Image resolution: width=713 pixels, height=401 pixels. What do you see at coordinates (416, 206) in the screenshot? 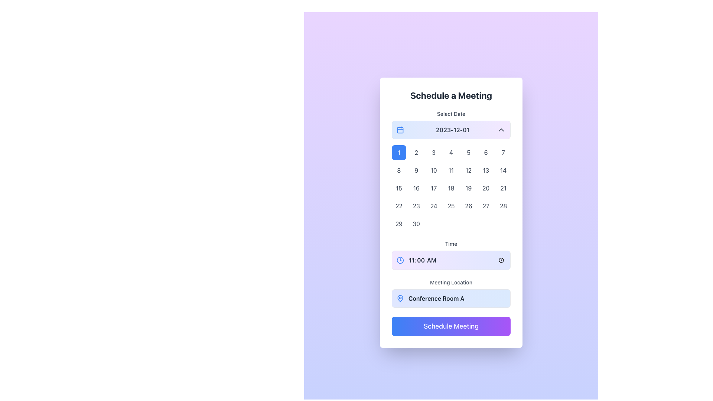
I see `the button representing the date 23 in the calendar grid` at bounding box center [416, 206].